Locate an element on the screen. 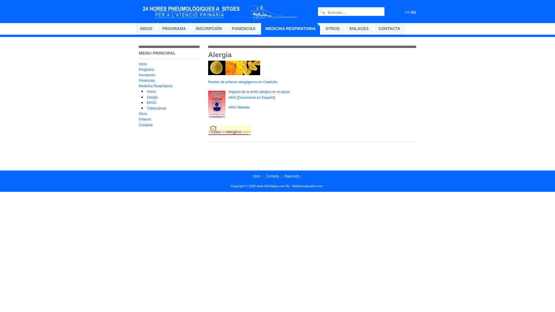  'PROGRAMA' is located at coordinates (173, 29).